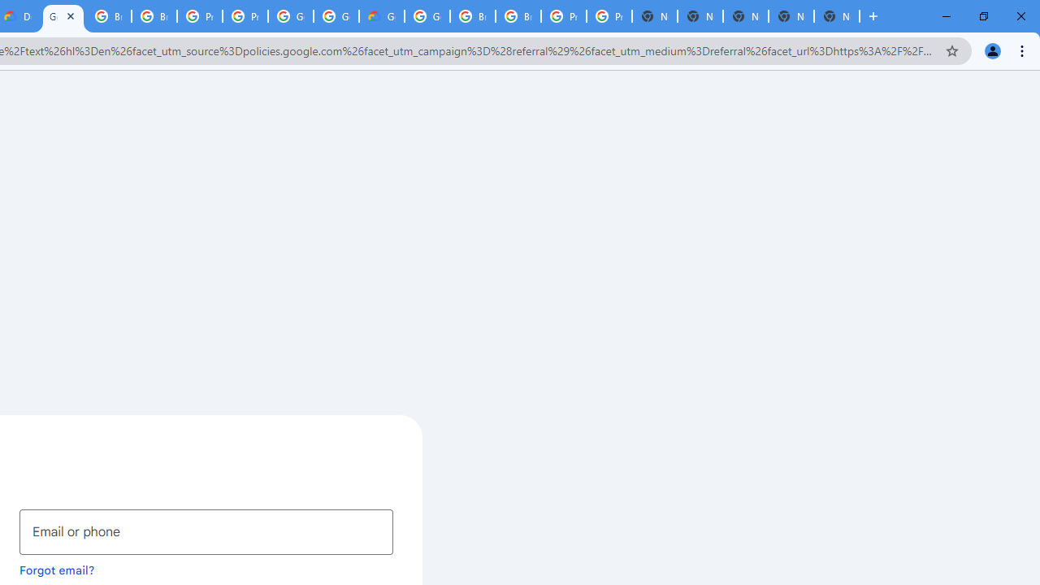 The image size is (1040, 585). What do you see at coordinates (206, 531) in the screenshot?
I see `'Email or phone'` at bounding box center [206, 531].